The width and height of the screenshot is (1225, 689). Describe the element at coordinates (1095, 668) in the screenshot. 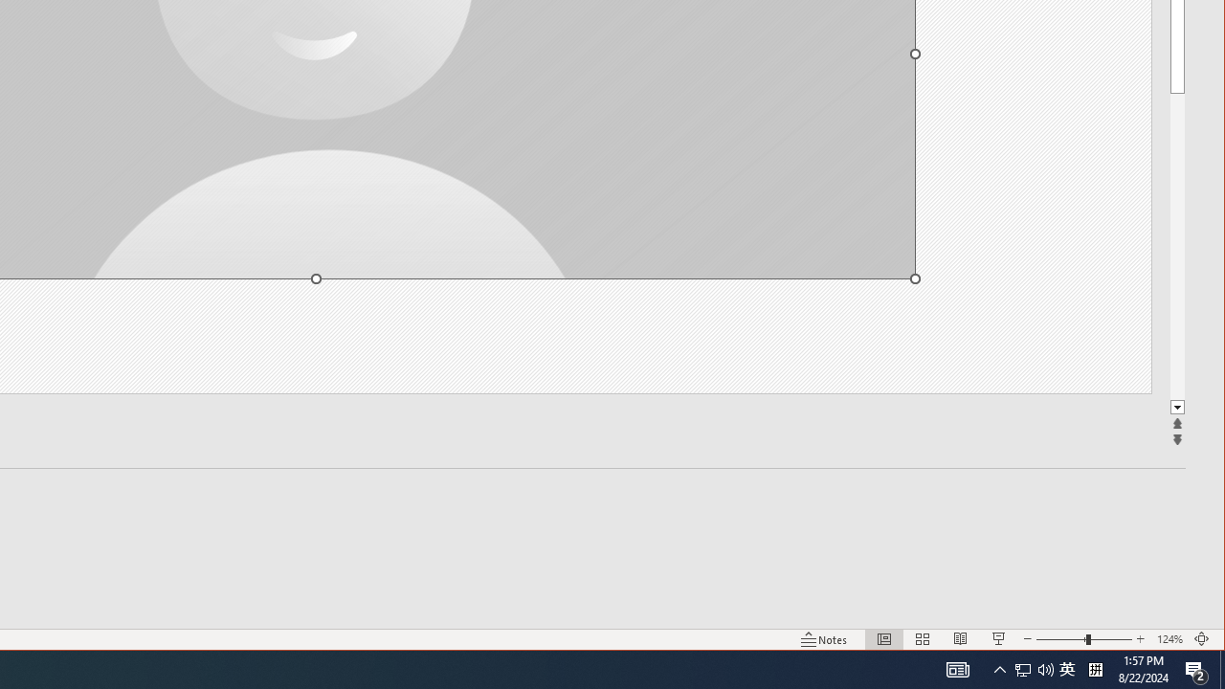

I see `'Tray Input Indicator - Chinese (Simplified, China)'` at that location.